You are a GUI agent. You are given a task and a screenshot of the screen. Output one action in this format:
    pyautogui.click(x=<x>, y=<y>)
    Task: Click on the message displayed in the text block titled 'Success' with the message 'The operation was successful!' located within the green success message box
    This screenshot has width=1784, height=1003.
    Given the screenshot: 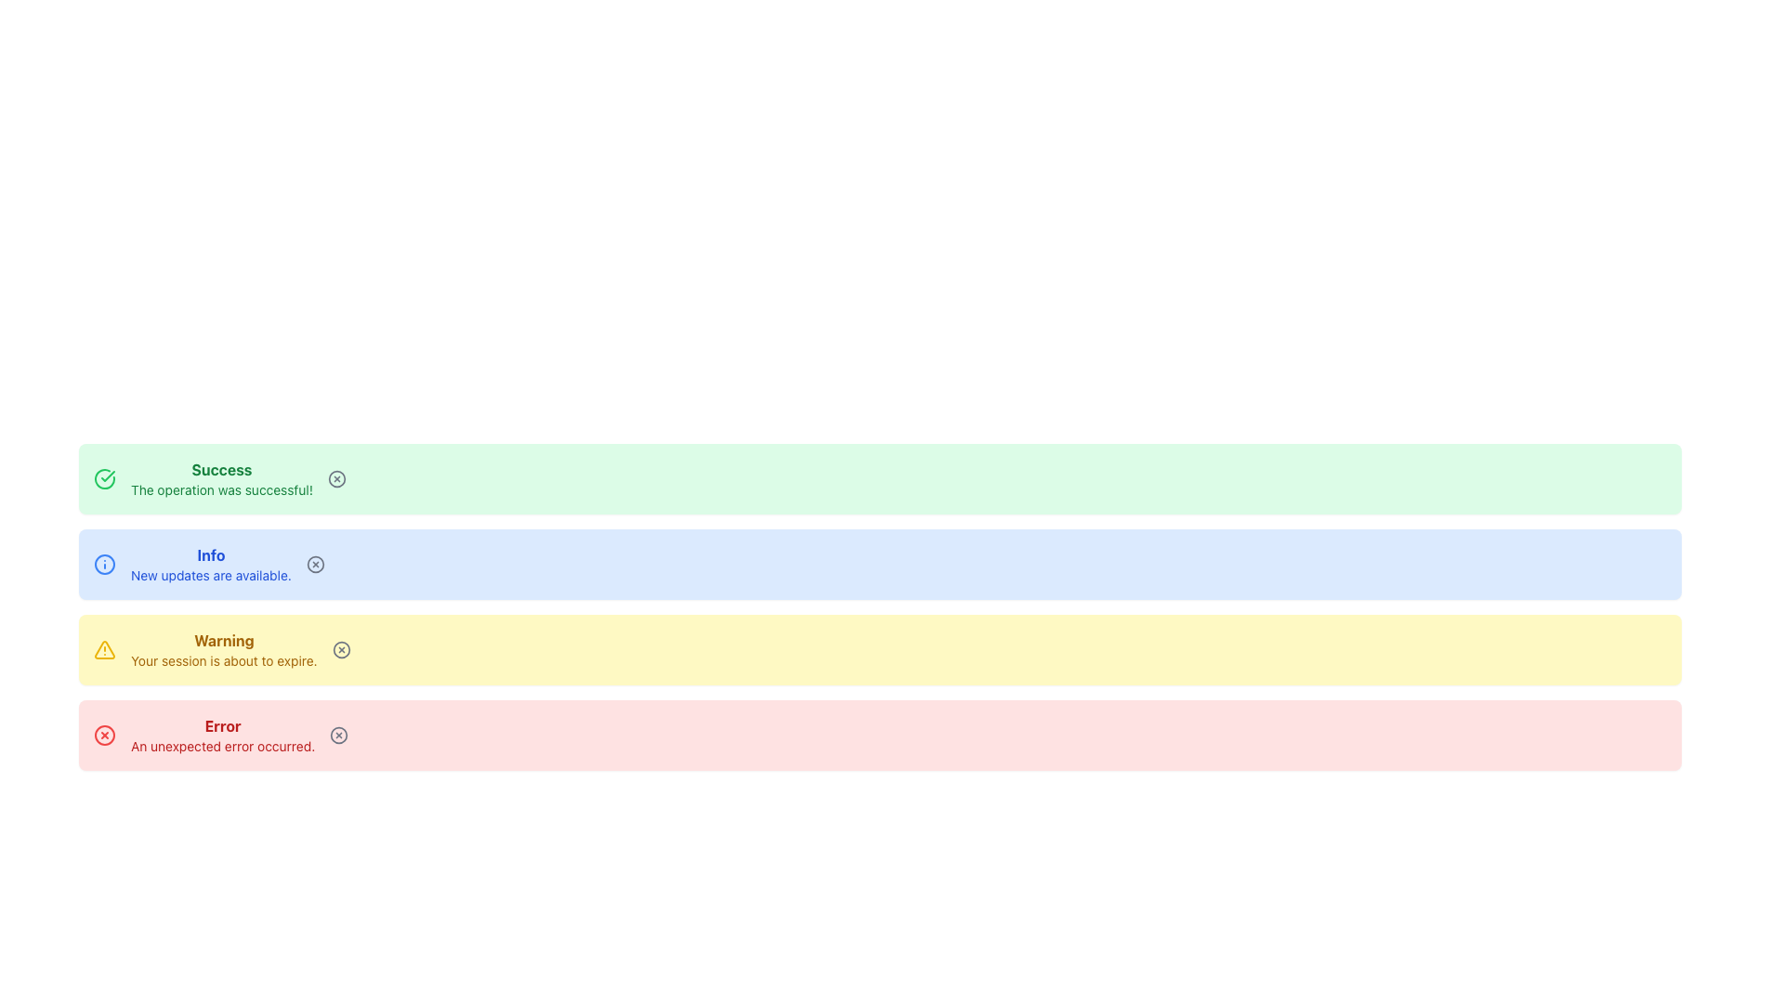 What is the action you would take?
    pyautogui.click(x=222, y=478)
    